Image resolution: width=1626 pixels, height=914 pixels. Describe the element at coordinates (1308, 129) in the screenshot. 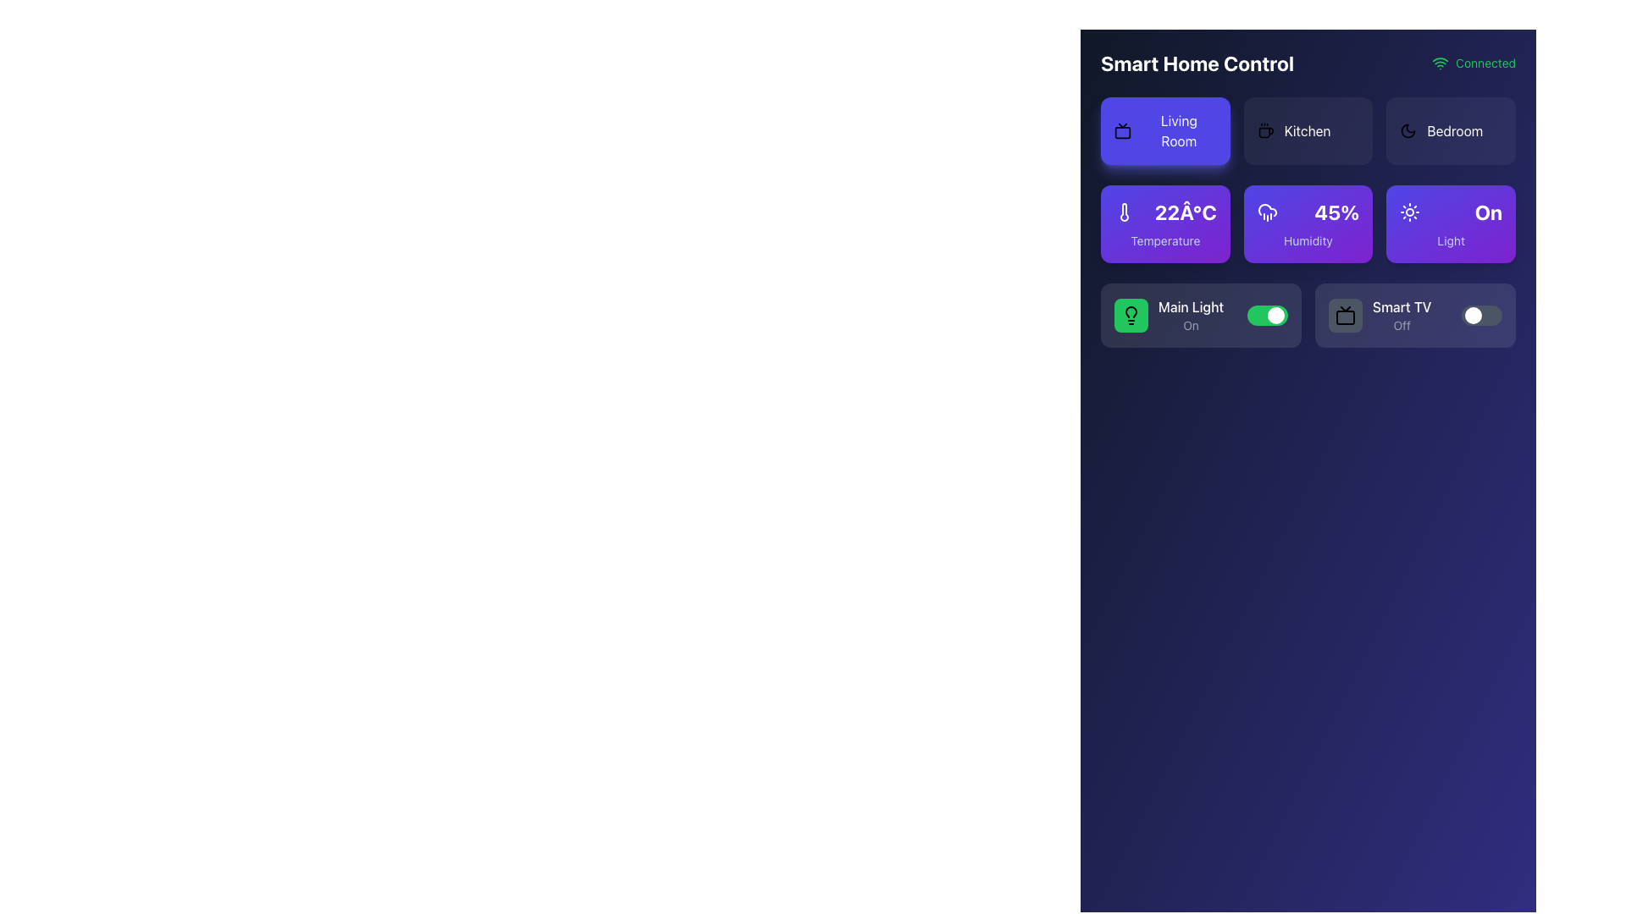

I see `the middle button in the row of three buttons labeled 'Smart Home Control'` at that location.